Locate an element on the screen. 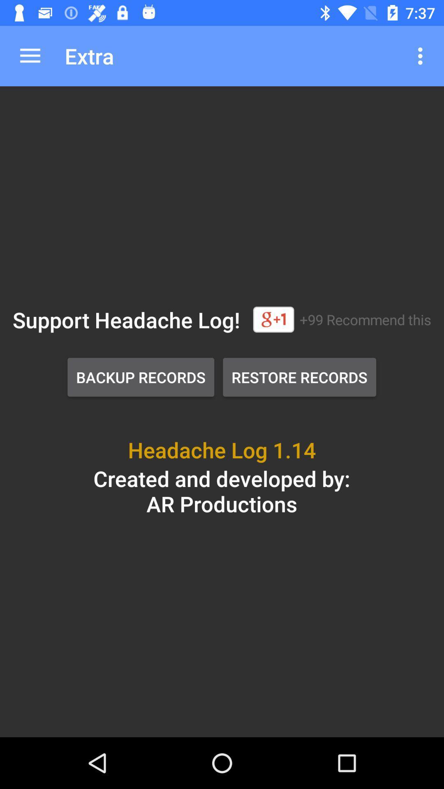 This screenshot has height=789, width=444. item to the left of the restore records item is located at coordinates (140, 376).